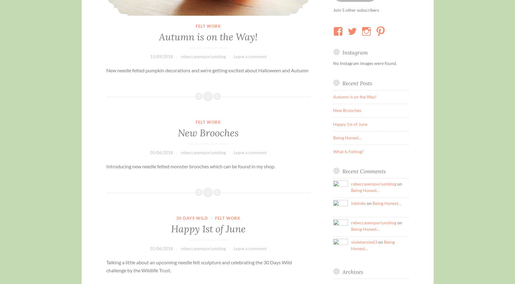 The width and height of the screenshot is (515, 284). Describe the element at coordinates (354, 52) in the screenshot. I see `'Instagram'` at that location.